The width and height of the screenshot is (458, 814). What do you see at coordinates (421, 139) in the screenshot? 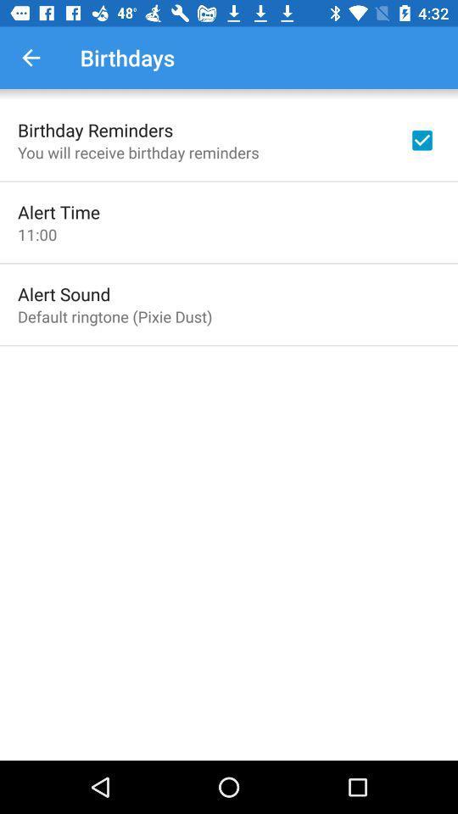
I see `icon to the right of the you will receive icon` at bounding box center [421, 139].